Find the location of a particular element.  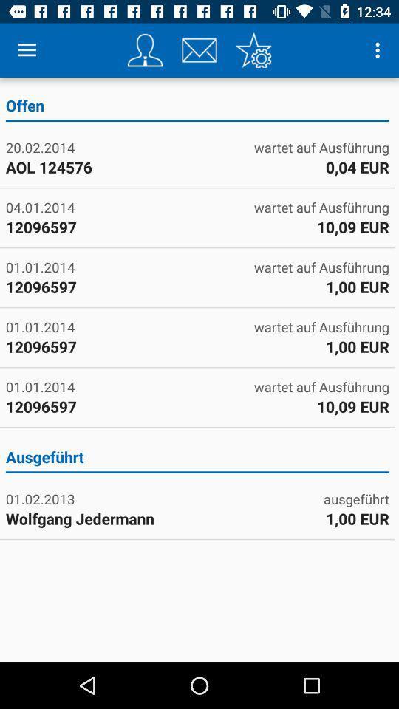

the item above offen icon is located at coordinates (27, 50).